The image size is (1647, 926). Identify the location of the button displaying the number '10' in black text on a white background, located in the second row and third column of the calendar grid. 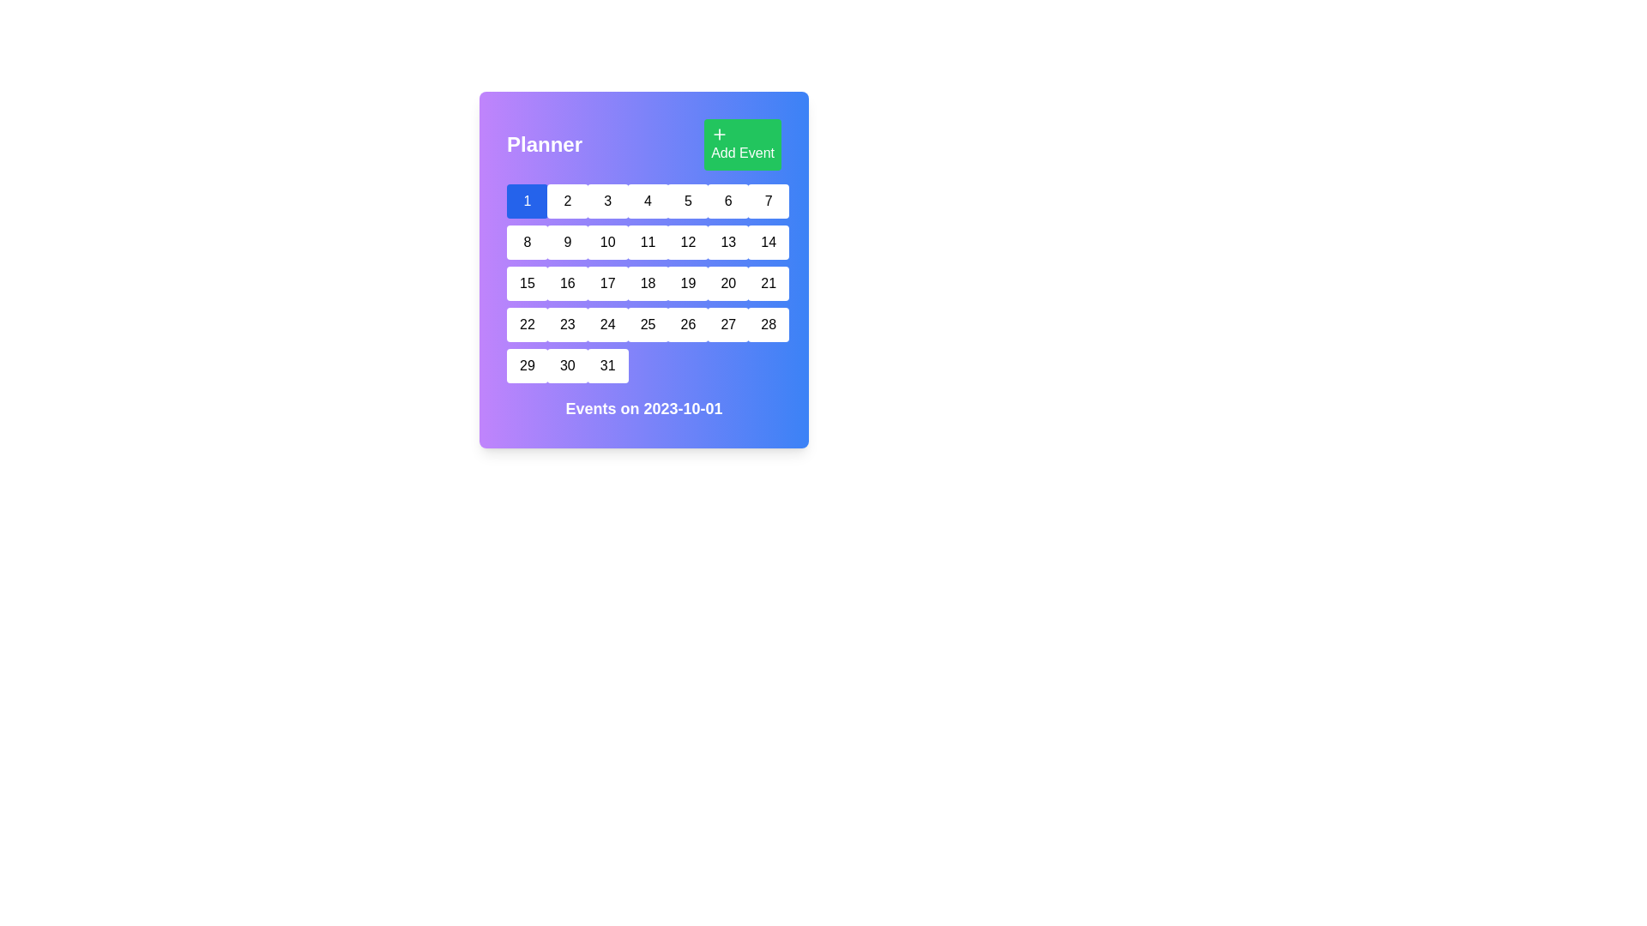
(607, 242).